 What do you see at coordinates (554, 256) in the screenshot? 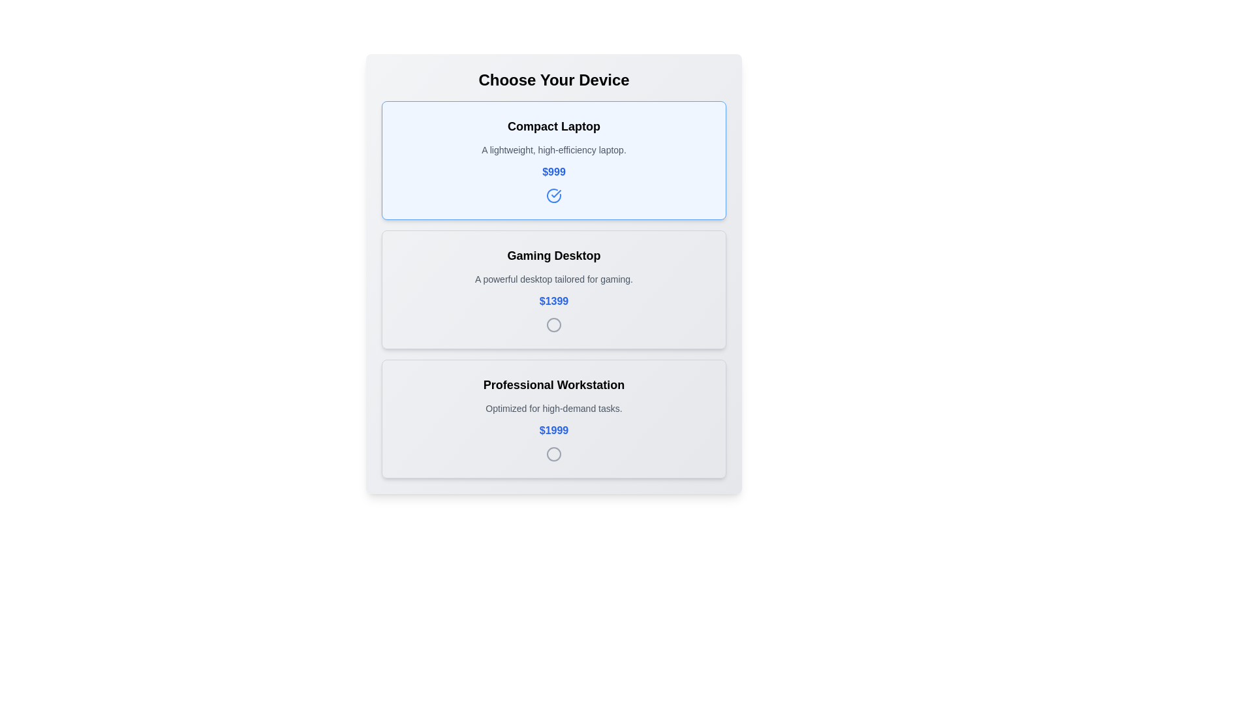
I see `text label identifying the option 'Gaming Desktop' located in the section under 'Choose Your Device'` at bounding box center [554, 256].